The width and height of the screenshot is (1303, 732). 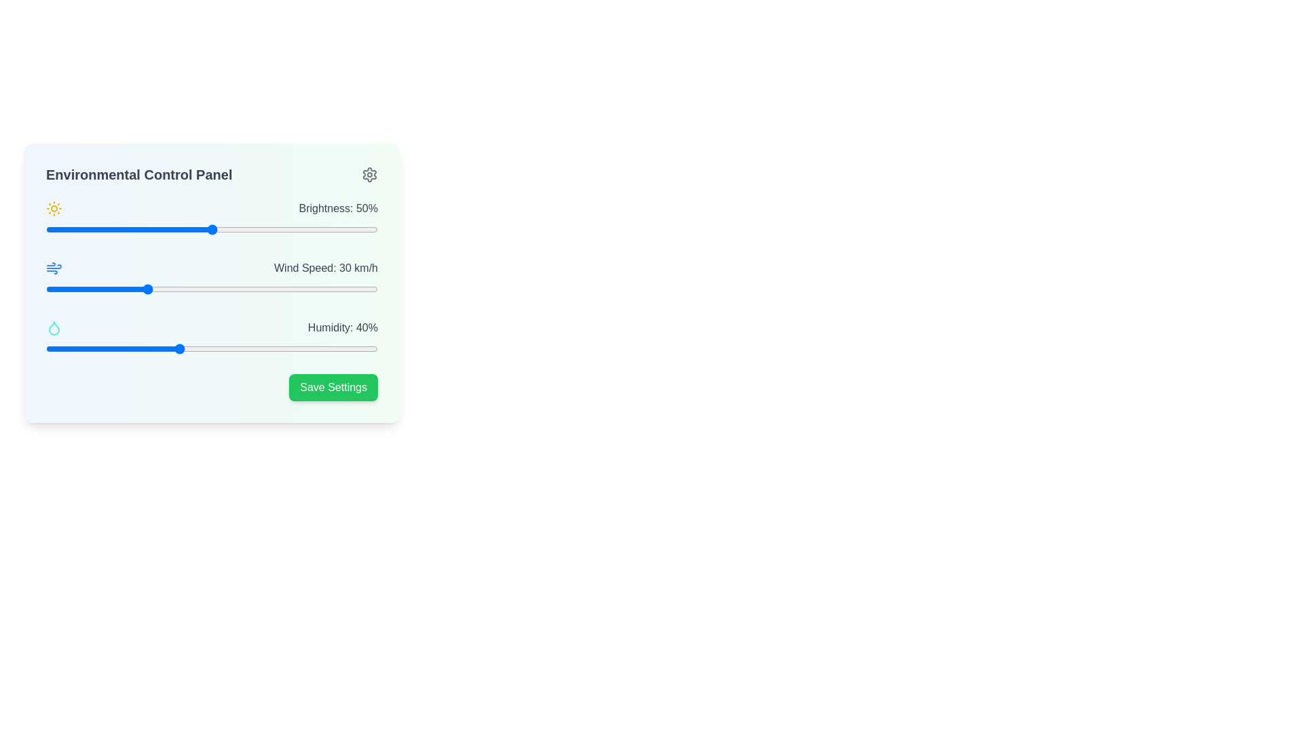 What do you see at coordinates (168, 229) in the screenshot?
I see `the slider value` at bounding box center [168, 229].